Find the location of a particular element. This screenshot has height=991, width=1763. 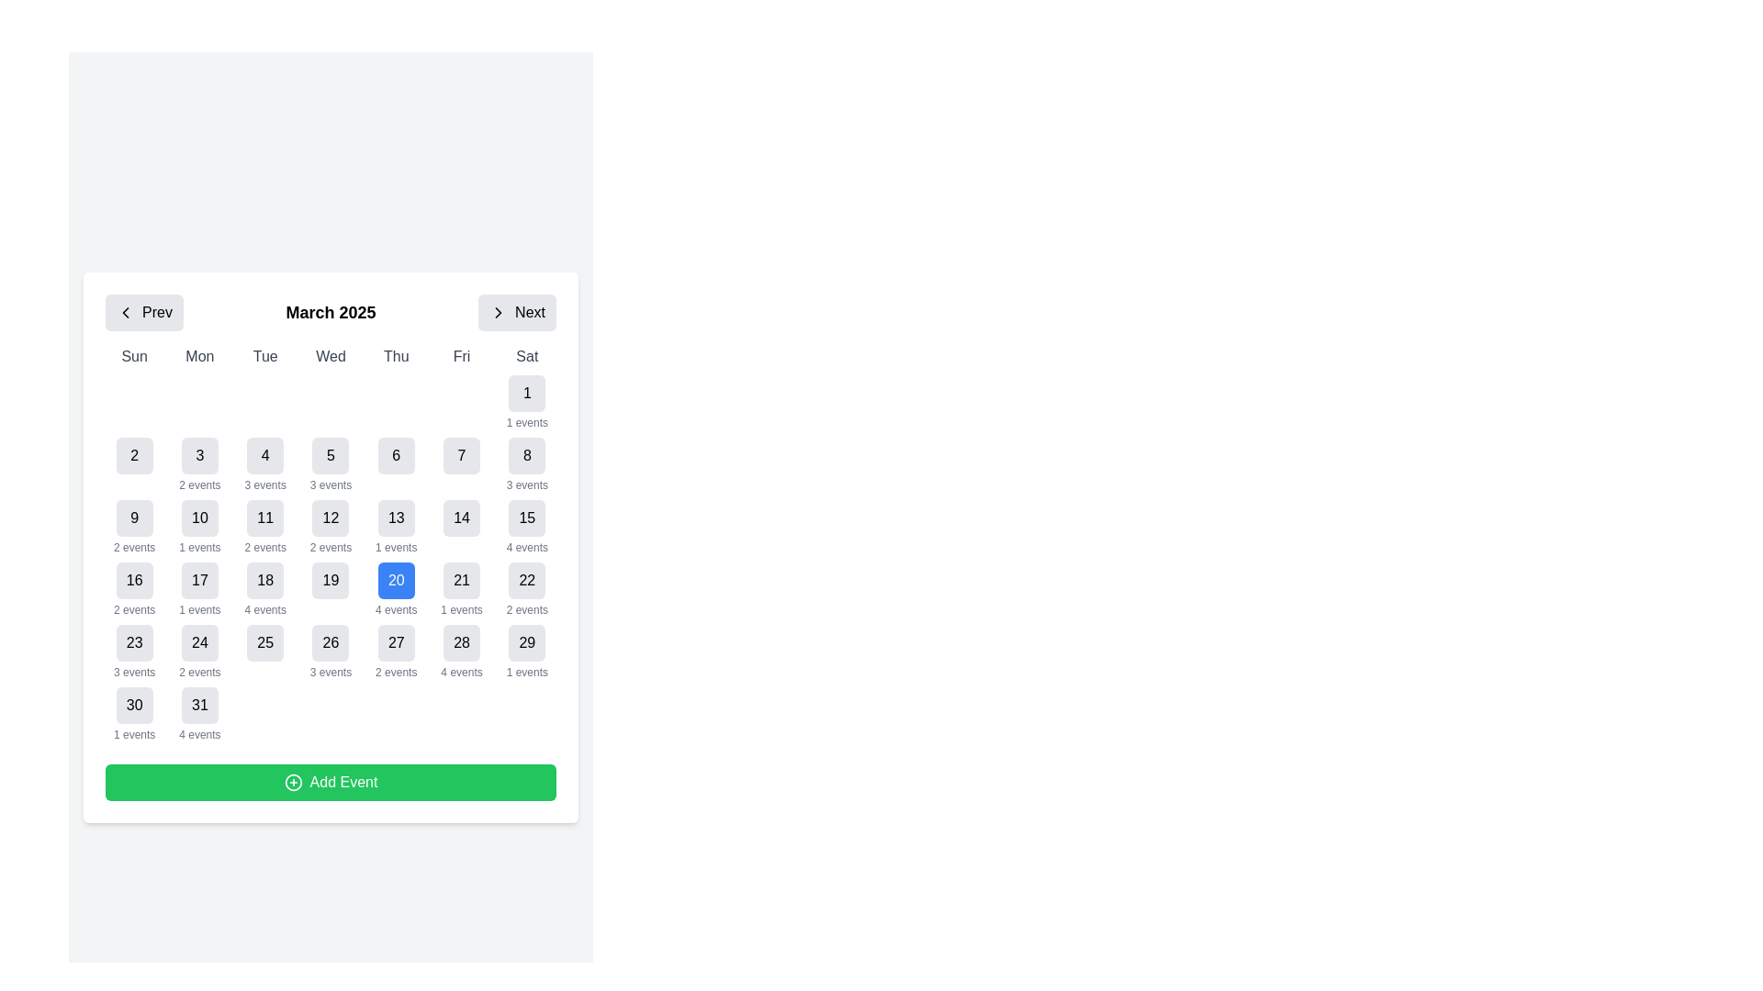

the text label displaying '3 events', which is located below the rounded square showing '4', in the grid layout for Thursday of the first week in March 2025 is located at coordinates (264, 484).